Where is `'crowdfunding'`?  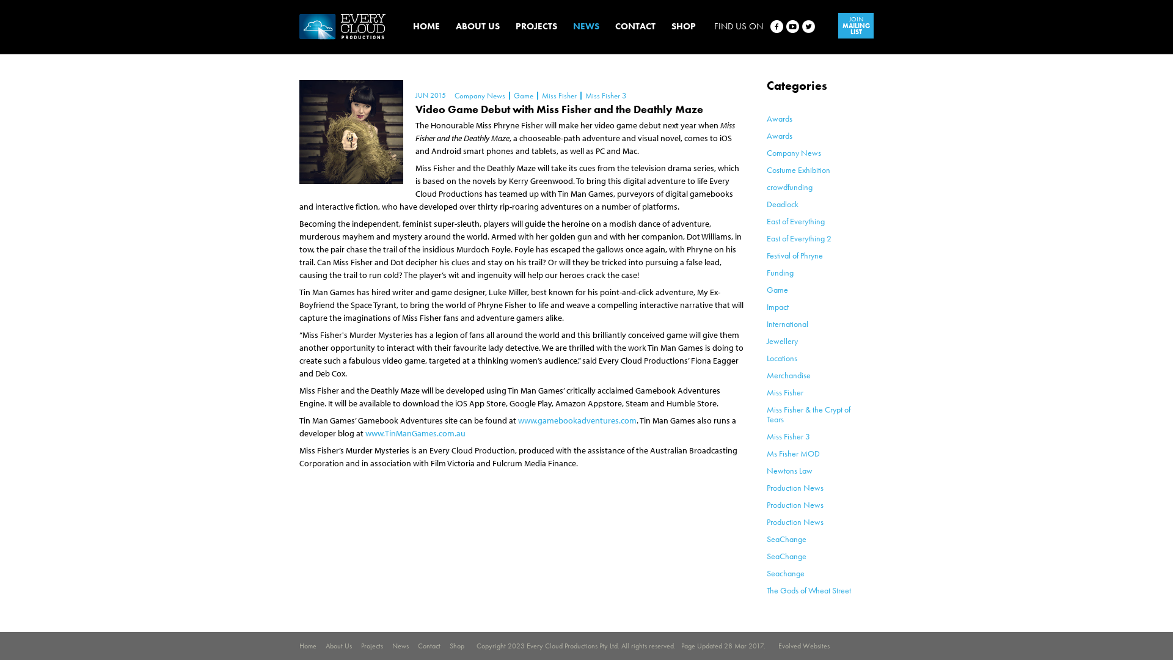 'crowdfunding' is located at coordinates (789, 186).